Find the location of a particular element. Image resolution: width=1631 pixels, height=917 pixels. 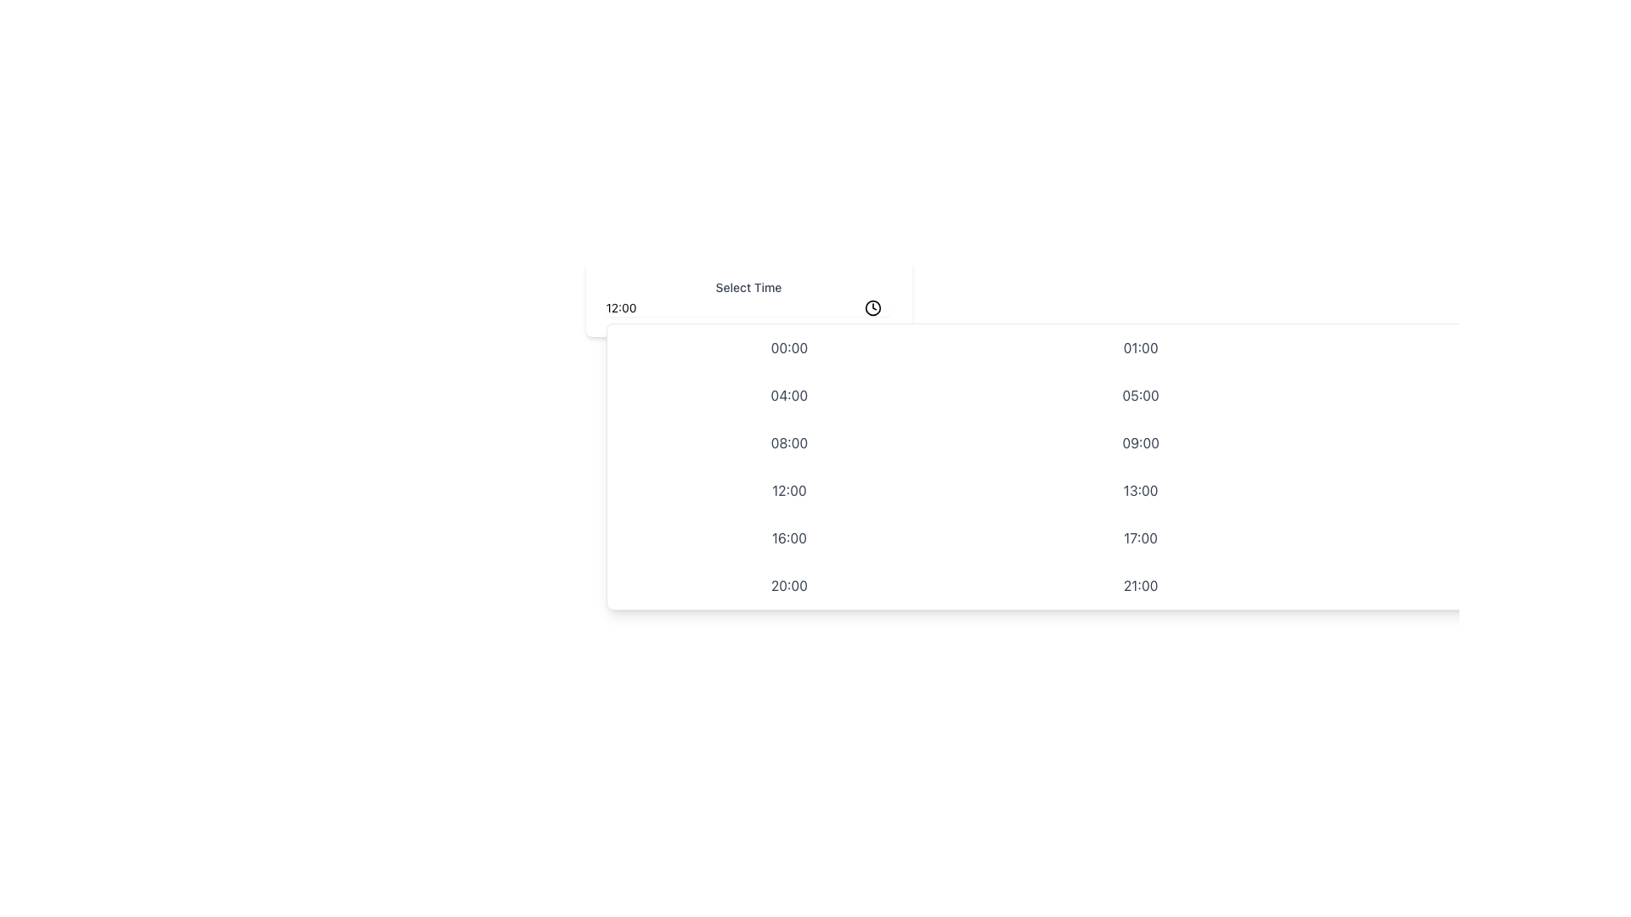

the button that allows the user to select the time of 08:00, located in the third row, first column of the time options grid is located at coordinates (788, 442).